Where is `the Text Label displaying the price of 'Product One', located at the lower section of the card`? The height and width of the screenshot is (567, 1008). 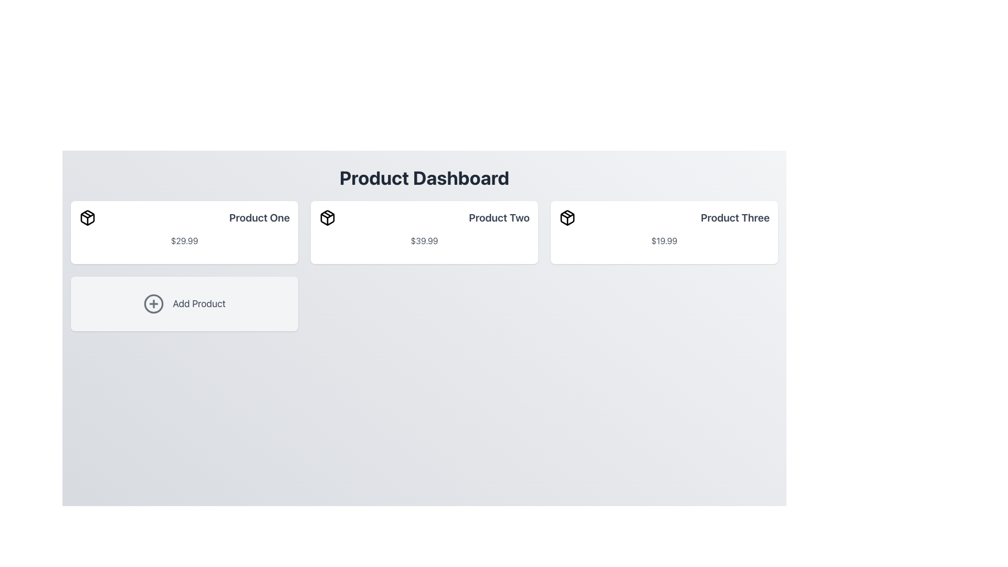
the Text Label displaying the price of 'Product One', located at the lower section of the card is located at coordinates (184, 241).